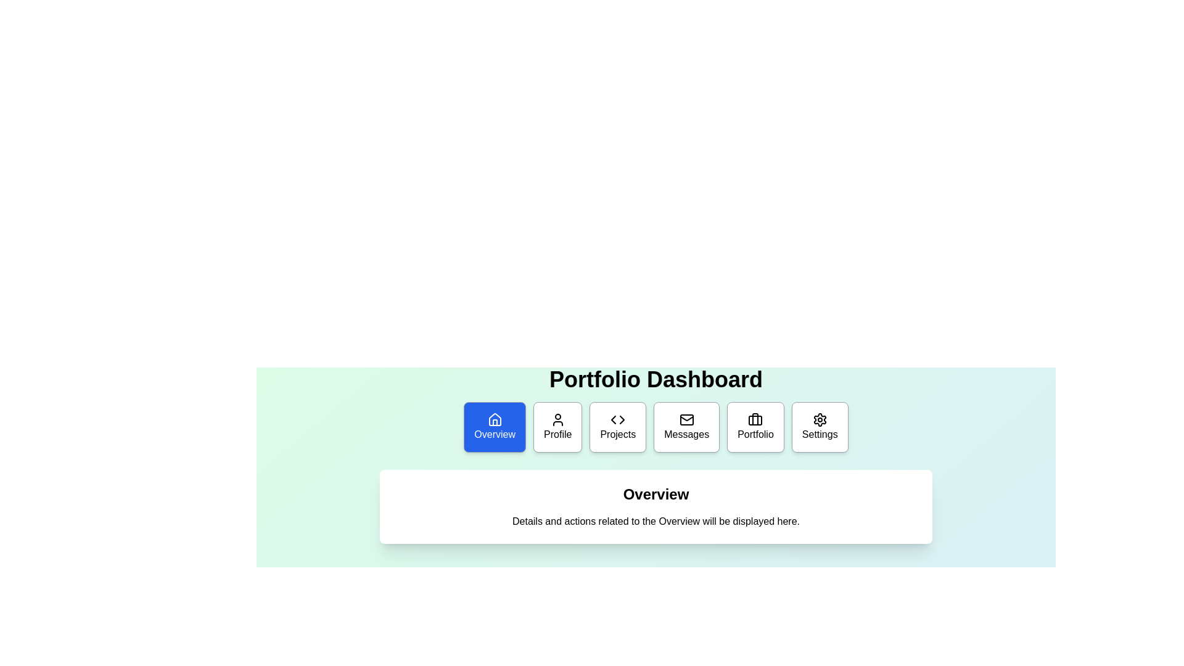 This screenshot has height=666, width=1184. Describe the element at coordinates (686, 427) in the screenshot. I see `the fourth button in a horizontal row of six buttons` at that location.